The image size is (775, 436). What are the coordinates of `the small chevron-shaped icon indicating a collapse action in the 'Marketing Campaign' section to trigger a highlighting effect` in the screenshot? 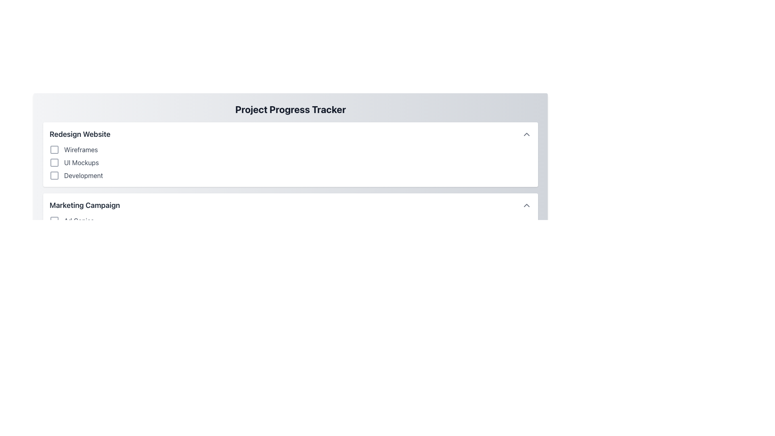 It's located at (527, 205).